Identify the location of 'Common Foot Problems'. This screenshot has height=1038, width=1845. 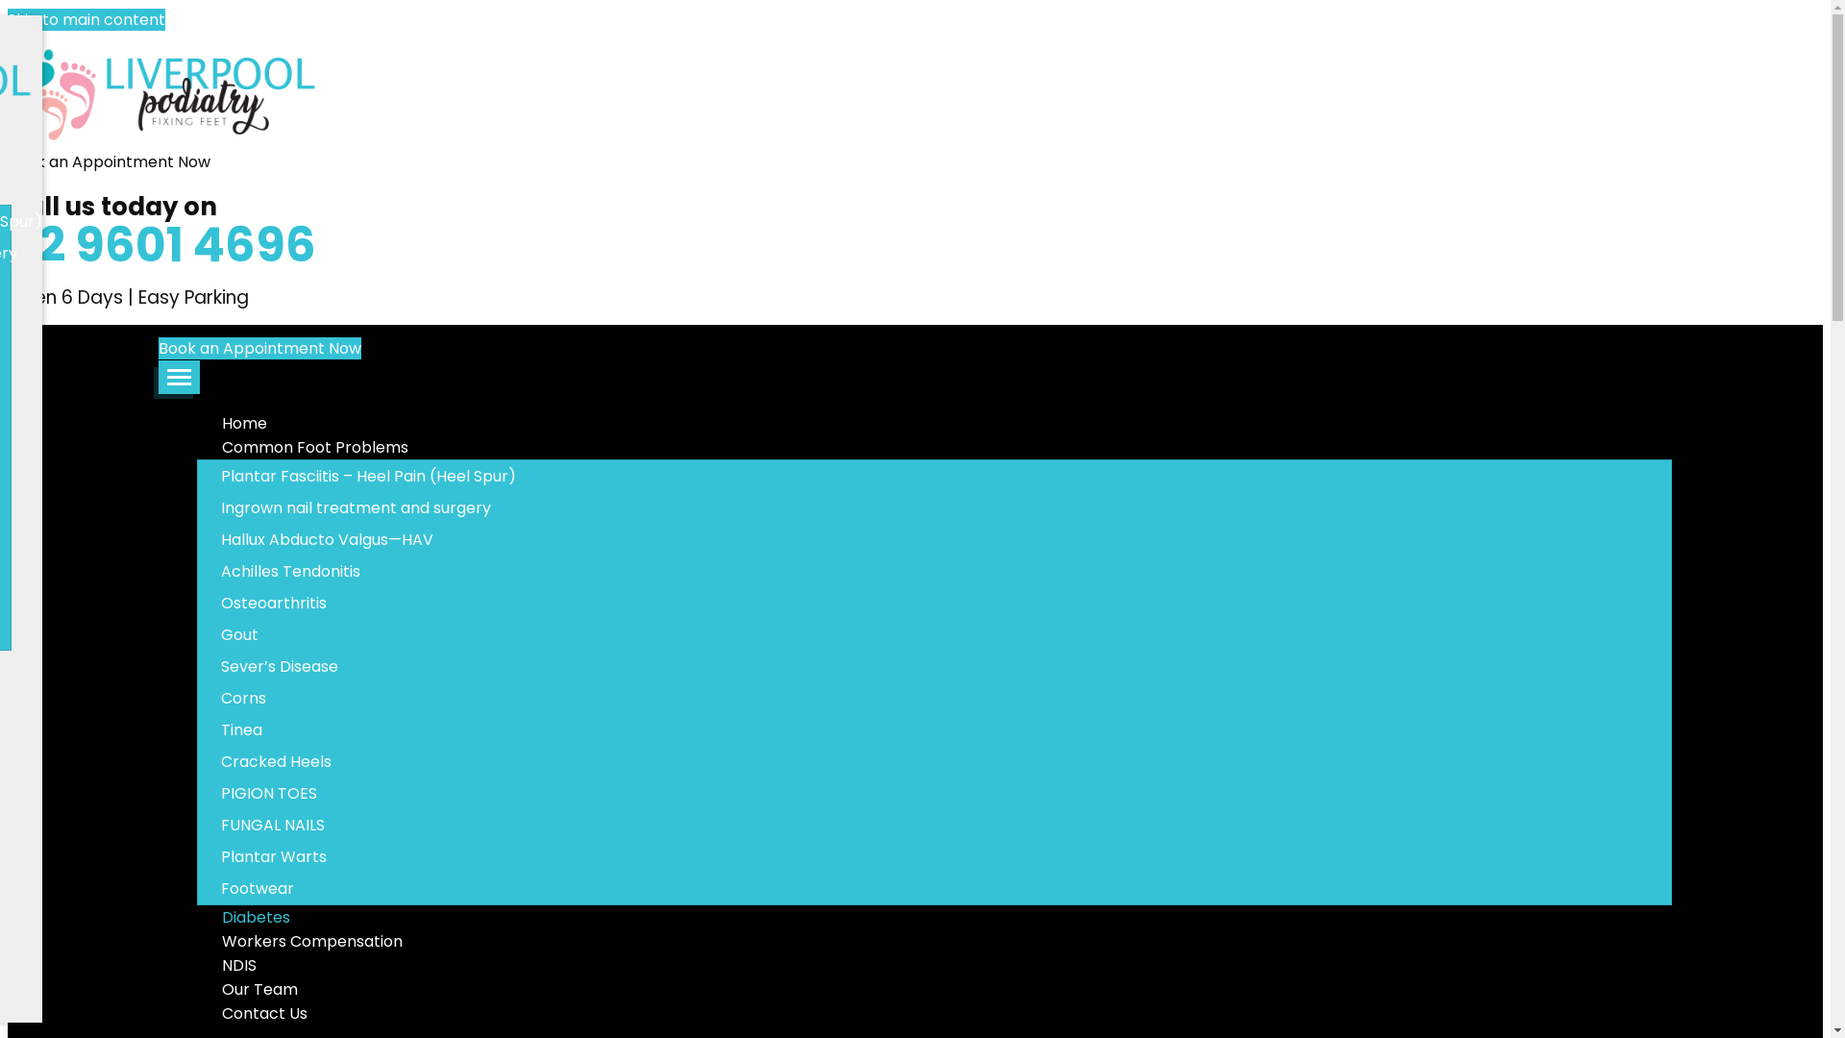
(314, 447).